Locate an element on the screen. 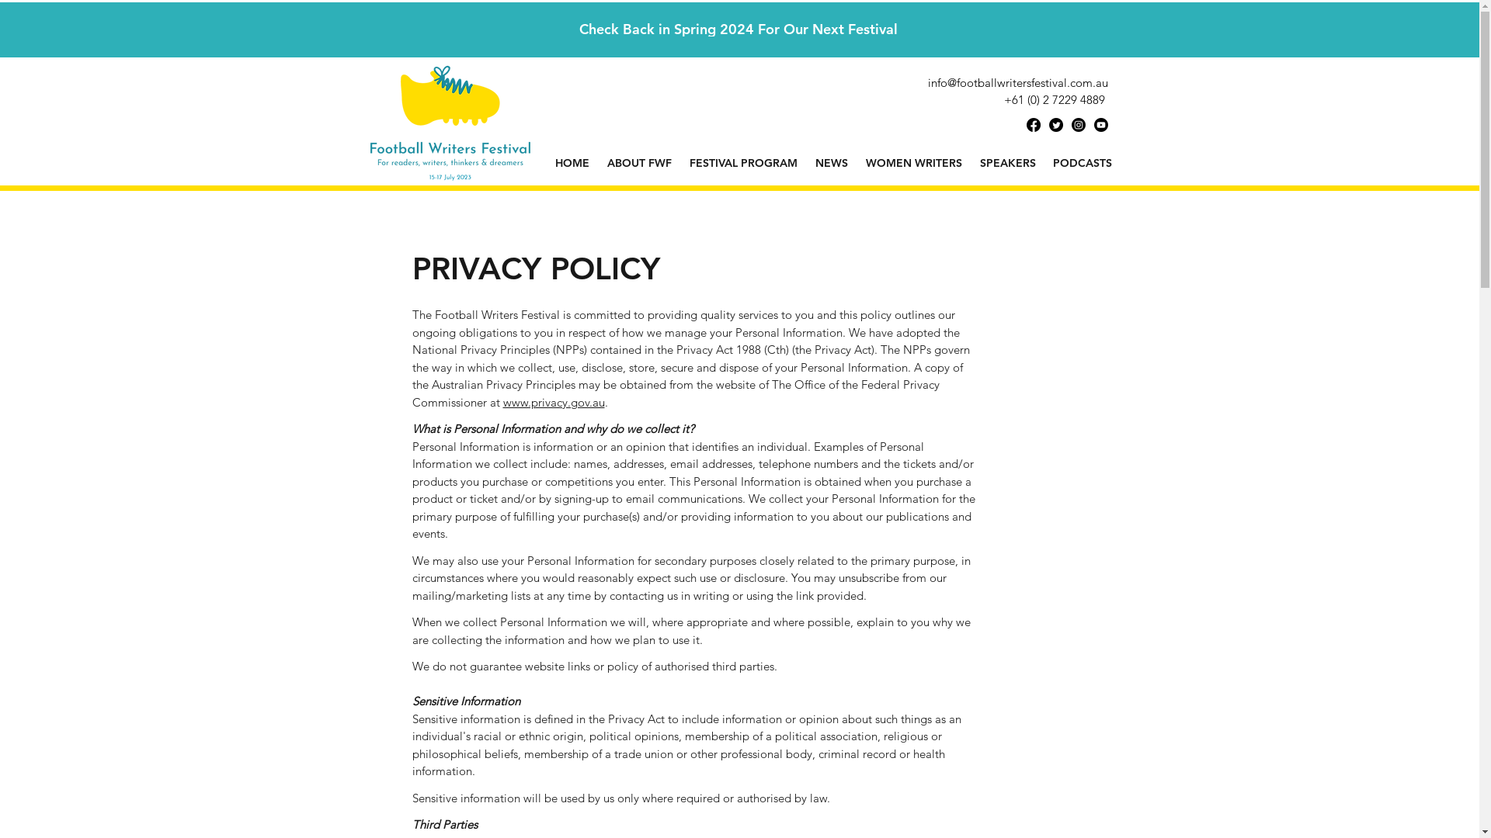  'HOME' is located at coordinates (572, 162).